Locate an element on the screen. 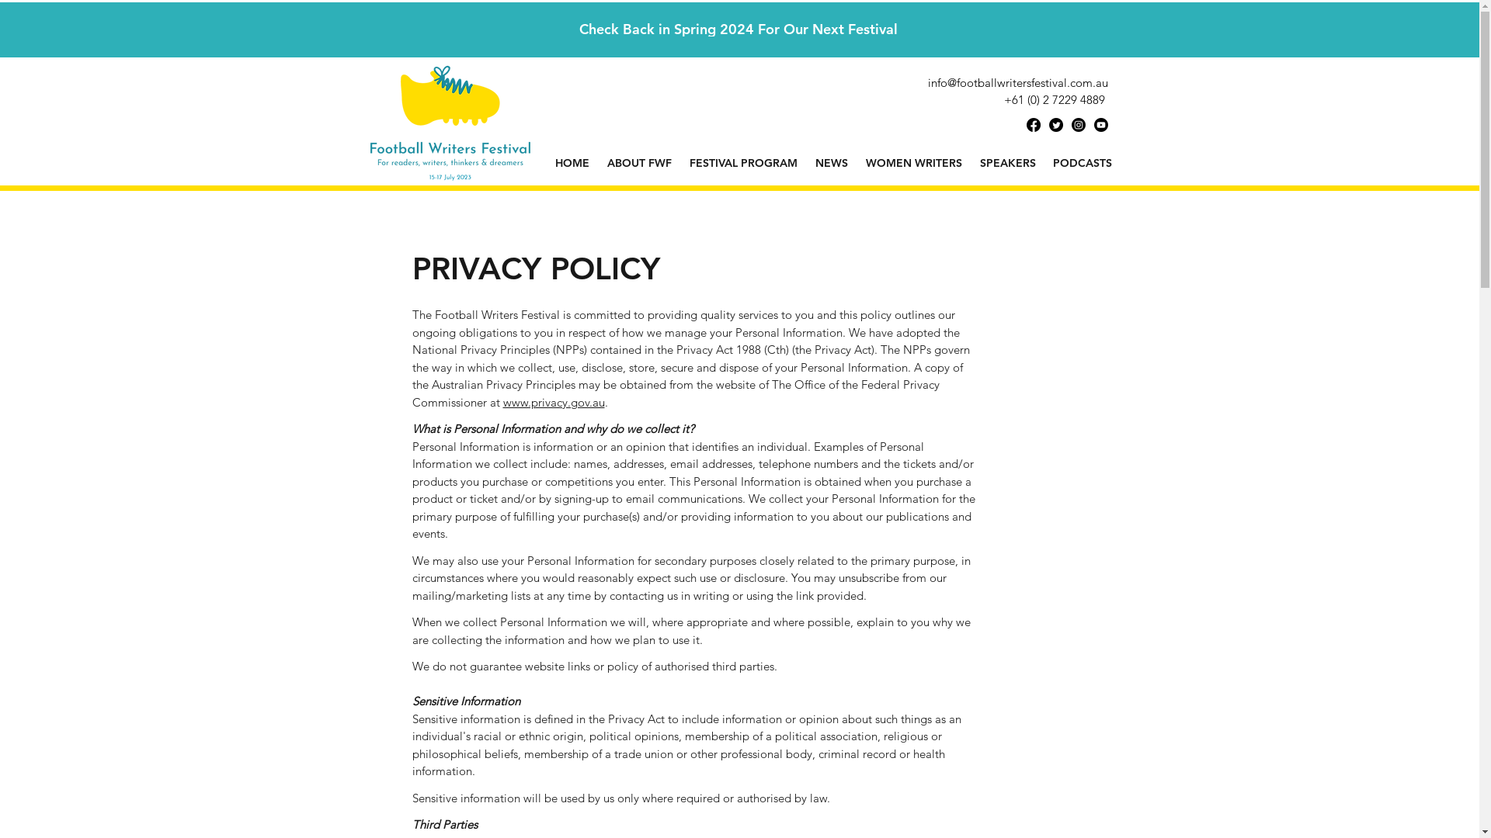  'HOME' is located at coordinates (572, 162).